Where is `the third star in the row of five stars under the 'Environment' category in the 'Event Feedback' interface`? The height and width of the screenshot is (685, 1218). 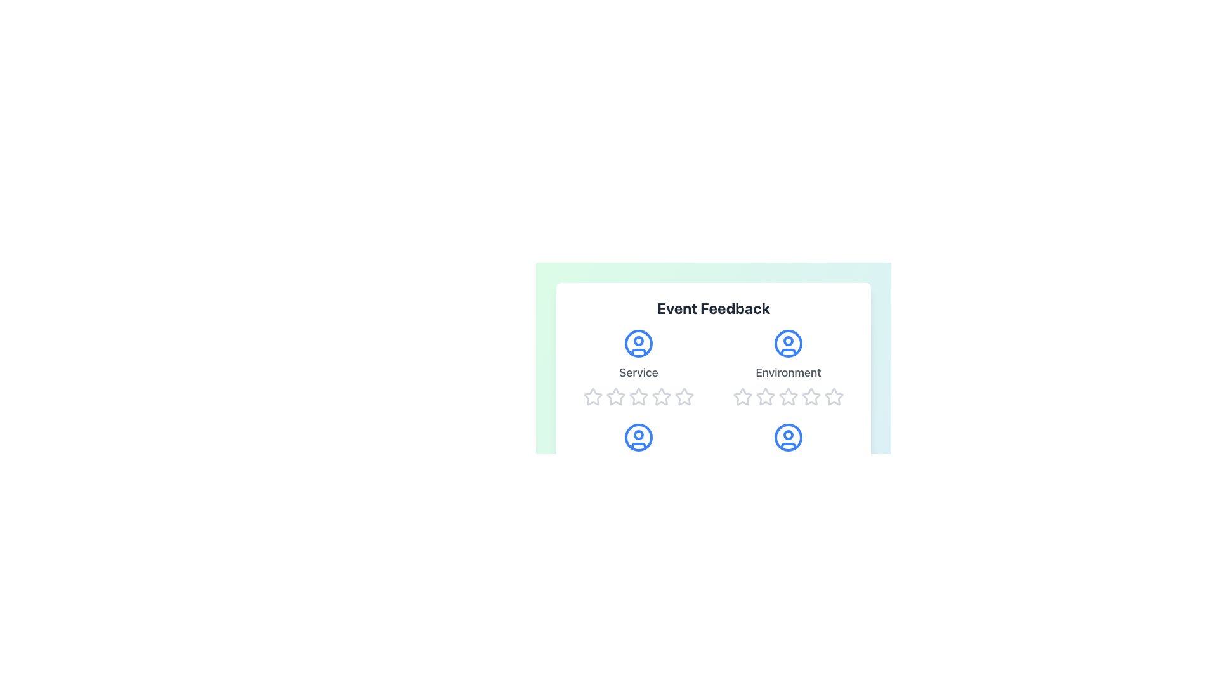
the third star in the row of five stars under the 'Environment' category in the 'Event Feedback' interface is located at coordinates (809, 395).